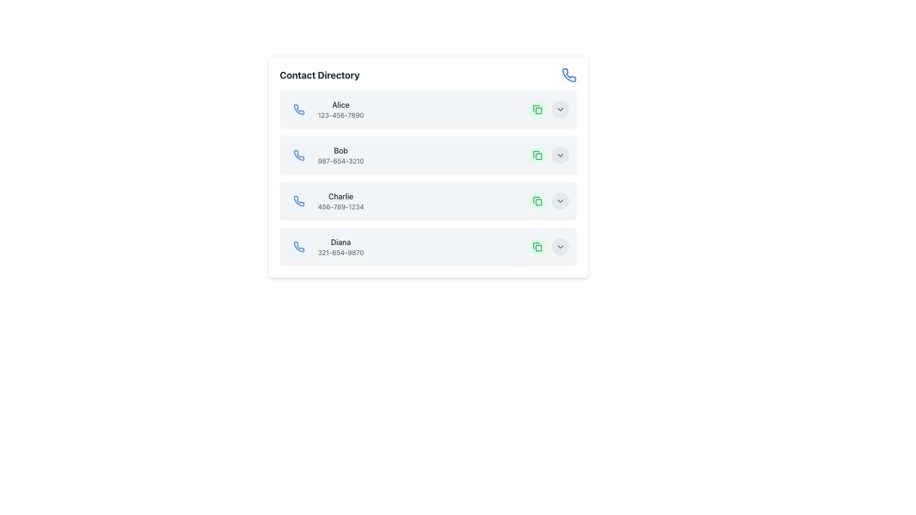  I want to click on the 'copy' button icon located to the right of the entry labeled 'Charlie' (456-789-1234) in the contact list, so click(537, 200).